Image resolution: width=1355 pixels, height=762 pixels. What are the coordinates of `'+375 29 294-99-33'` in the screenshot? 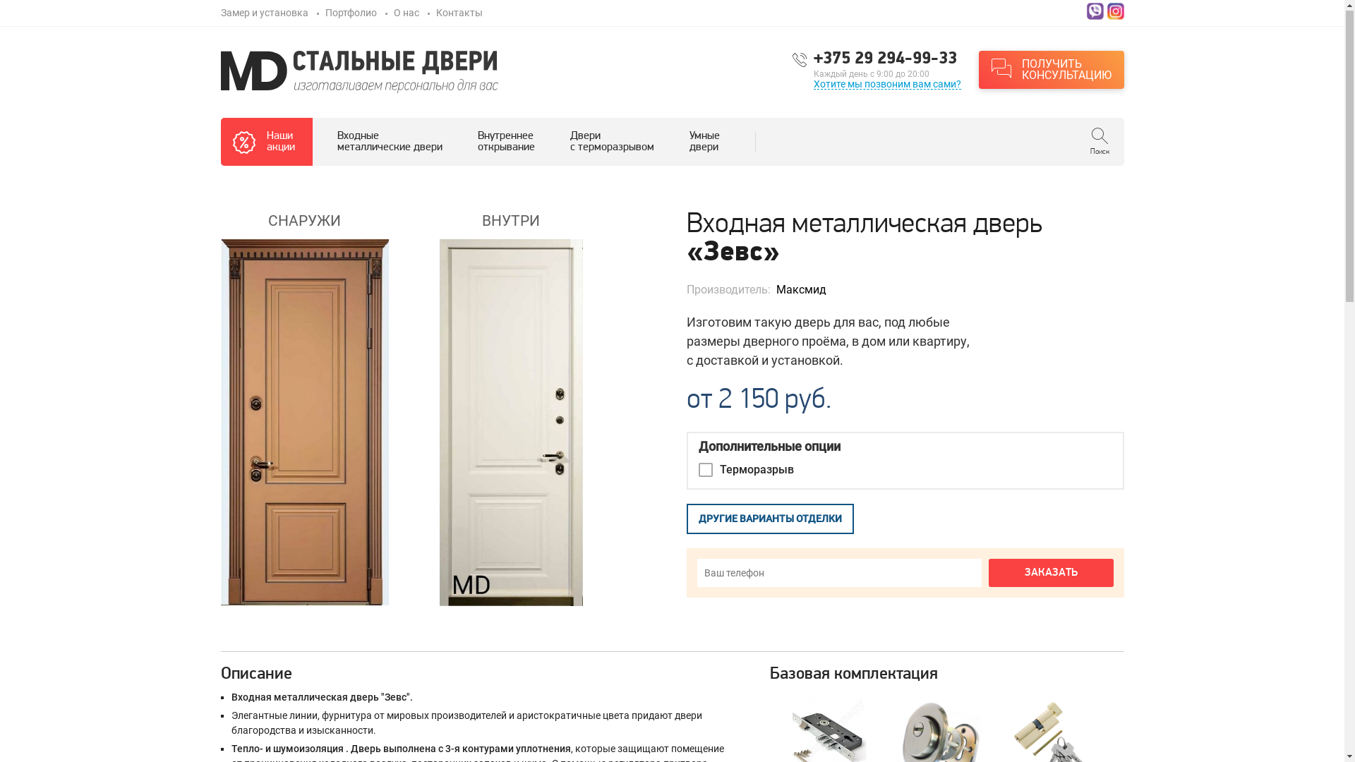 It's located at (886, 59).